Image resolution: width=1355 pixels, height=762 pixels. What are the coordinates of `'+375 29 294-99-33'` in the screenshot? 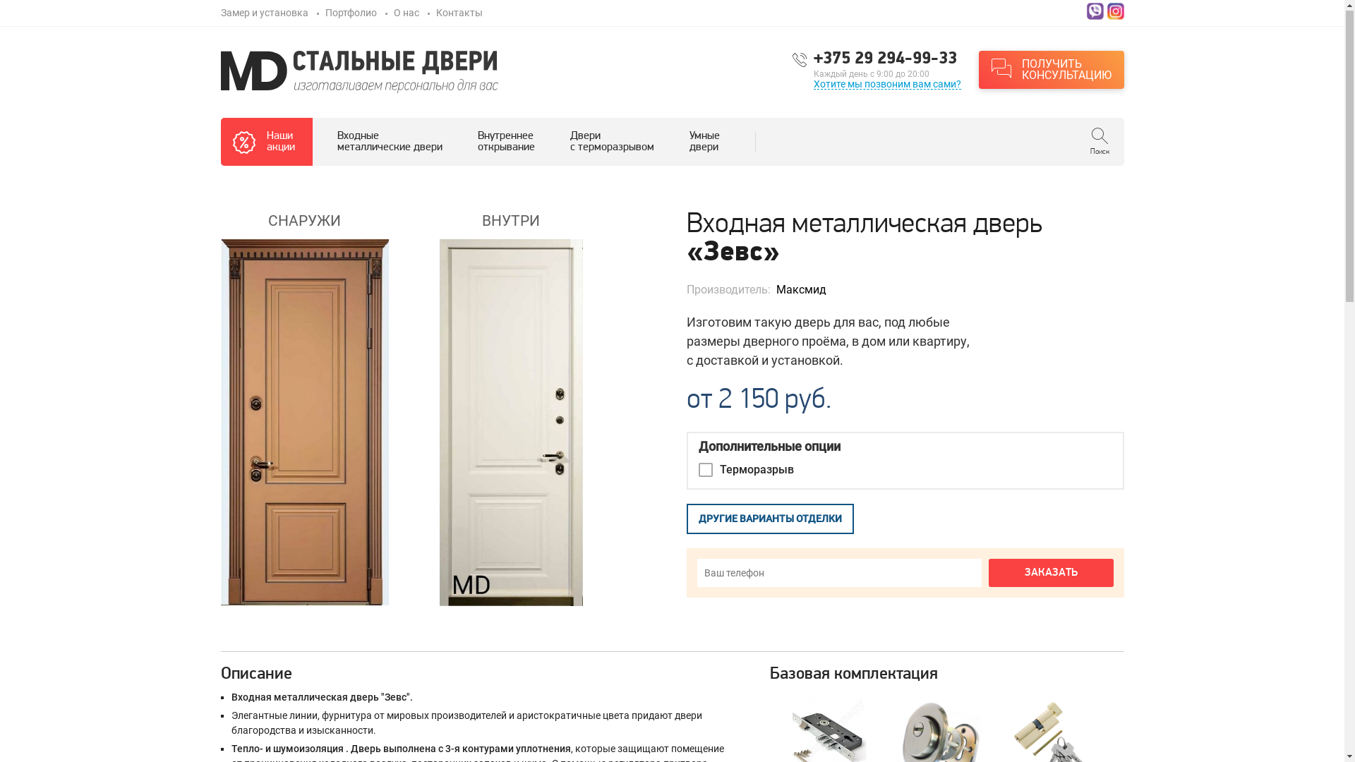 It's located at (886, 59).